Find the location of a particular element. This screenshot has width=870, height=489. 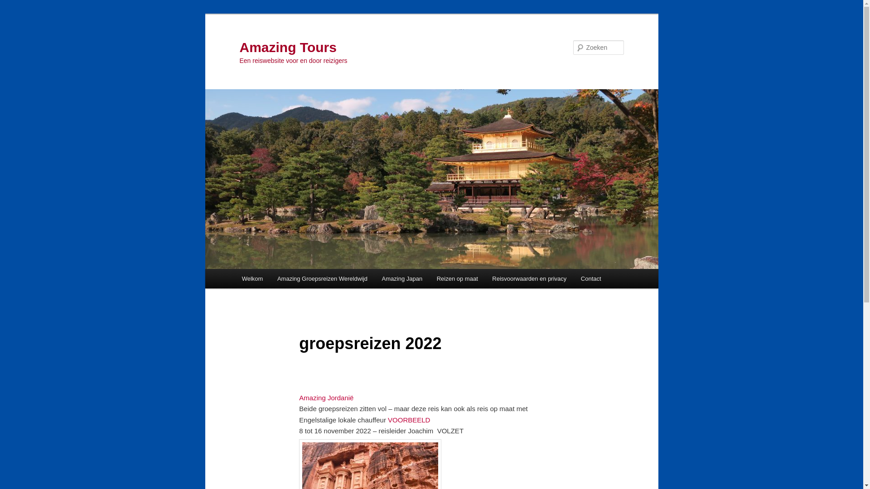

'Amazing Tours' is located at coordinates (287, 47).